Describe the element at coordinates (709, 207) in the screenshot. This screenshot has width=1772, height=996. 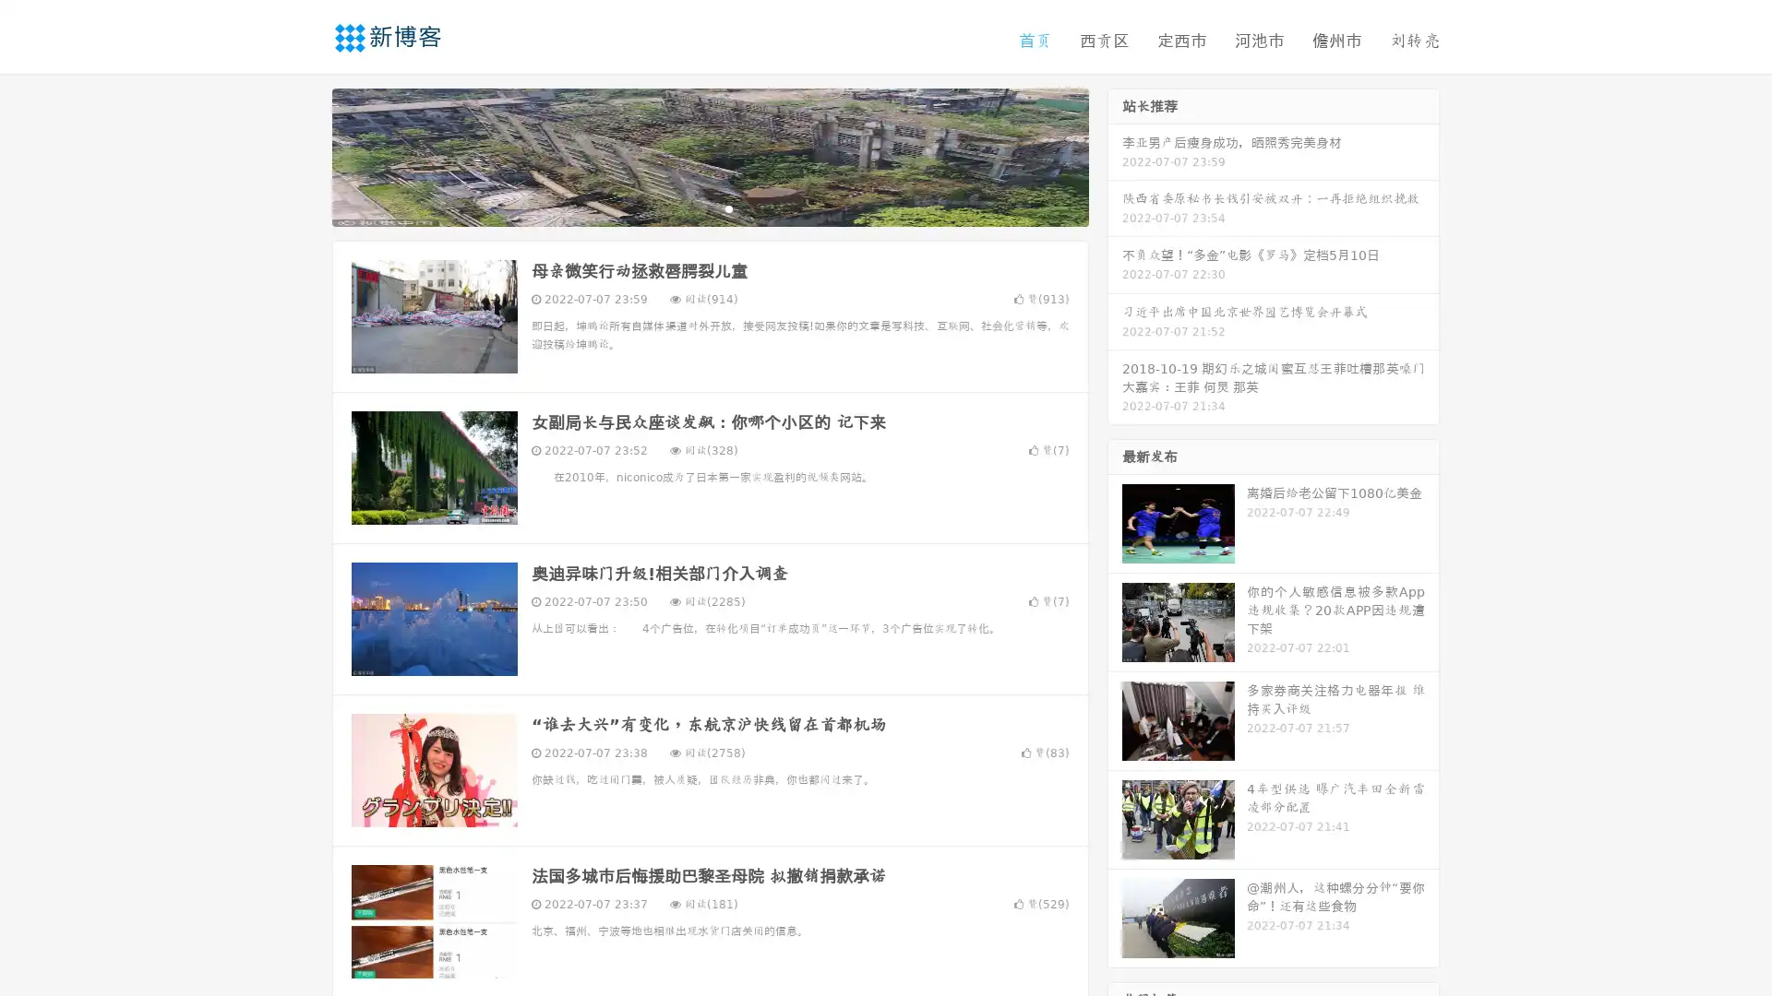
I see `Go to slide 2` at that location.